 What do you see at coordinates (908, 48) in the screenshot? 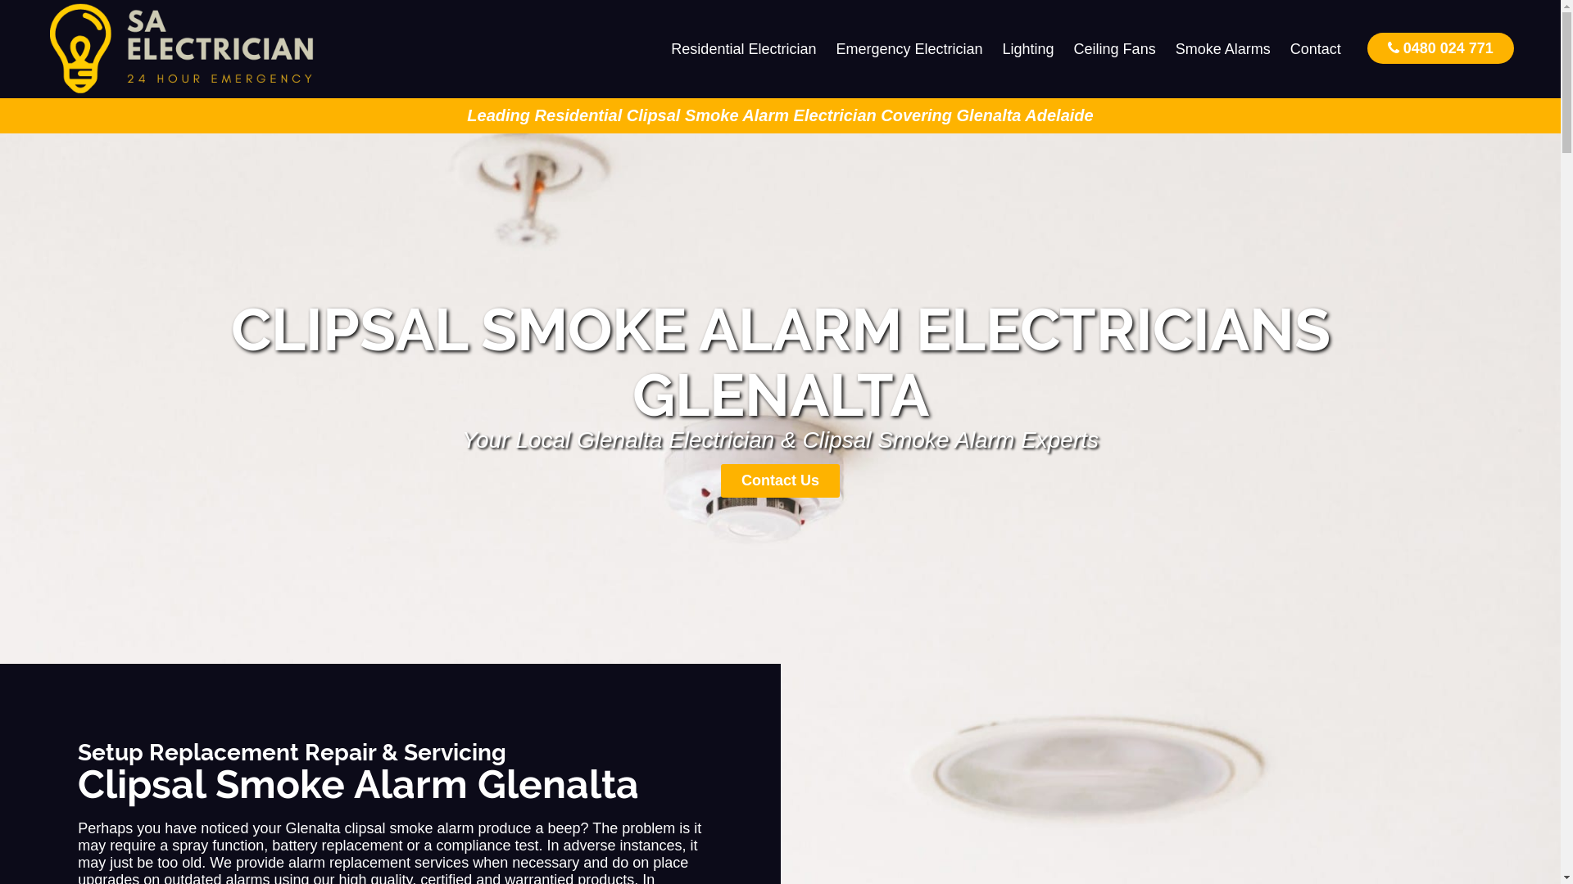
I see `'Emergency Electrician'` at bounding box center [908, 48].